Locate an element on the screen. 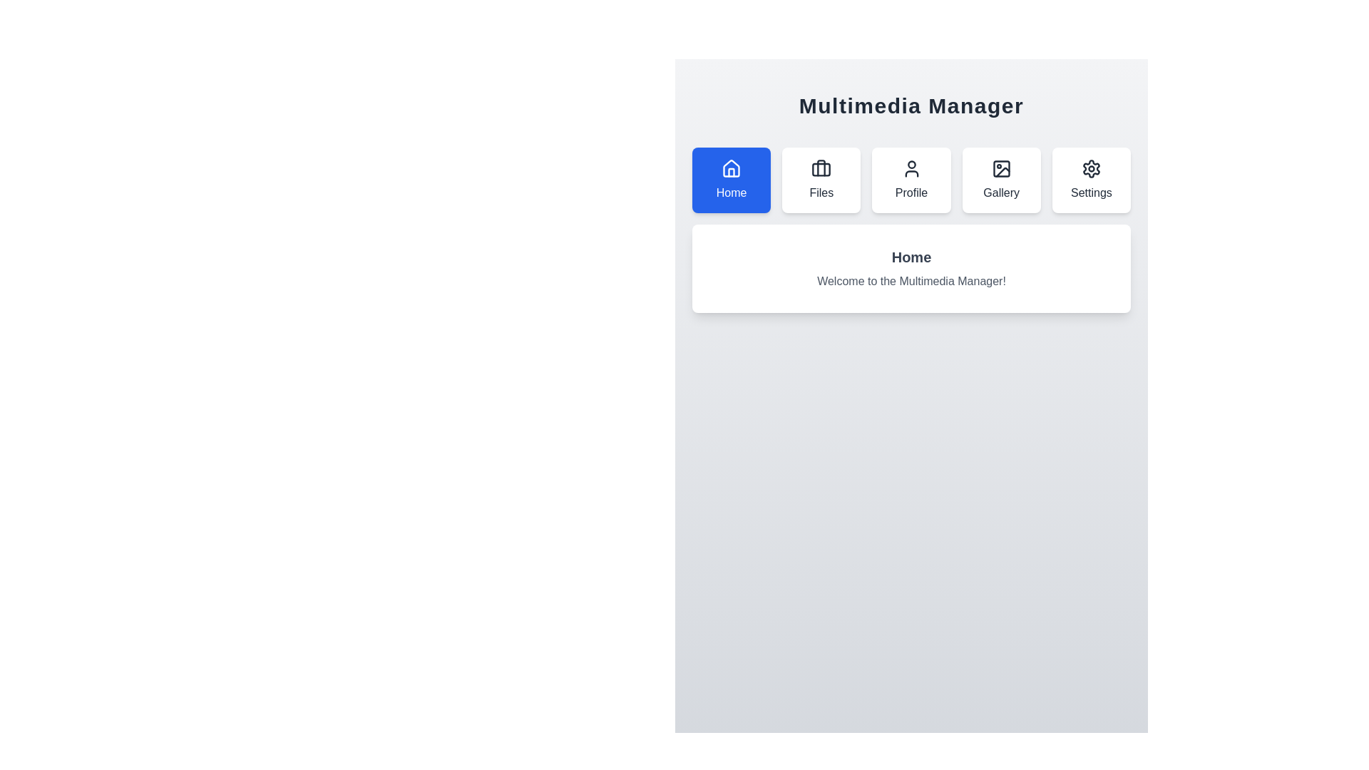 The image size is (1369, 770). the buttons in the Horizontal Navigation Bar located below the 'Multimedia Manager' header for visual feedback is located at coordinates (911, 180).